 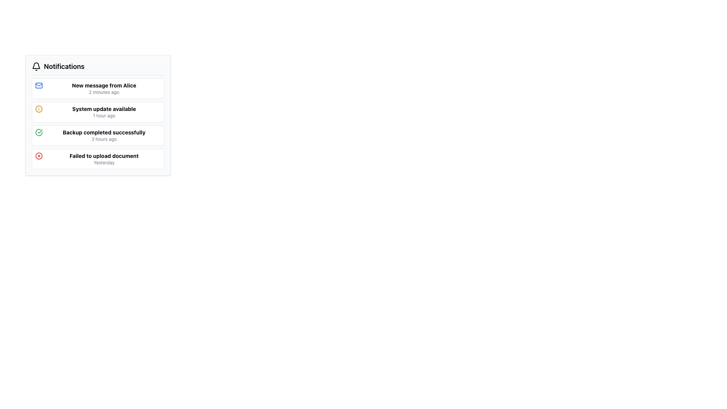 What do you see at coordinates (36, 66) in the screenshot?
I see `the notification bell icon located on the leftmost side of the notifications section, which indicates the presence of new or recent notifications` at bounding box center [36, 66].